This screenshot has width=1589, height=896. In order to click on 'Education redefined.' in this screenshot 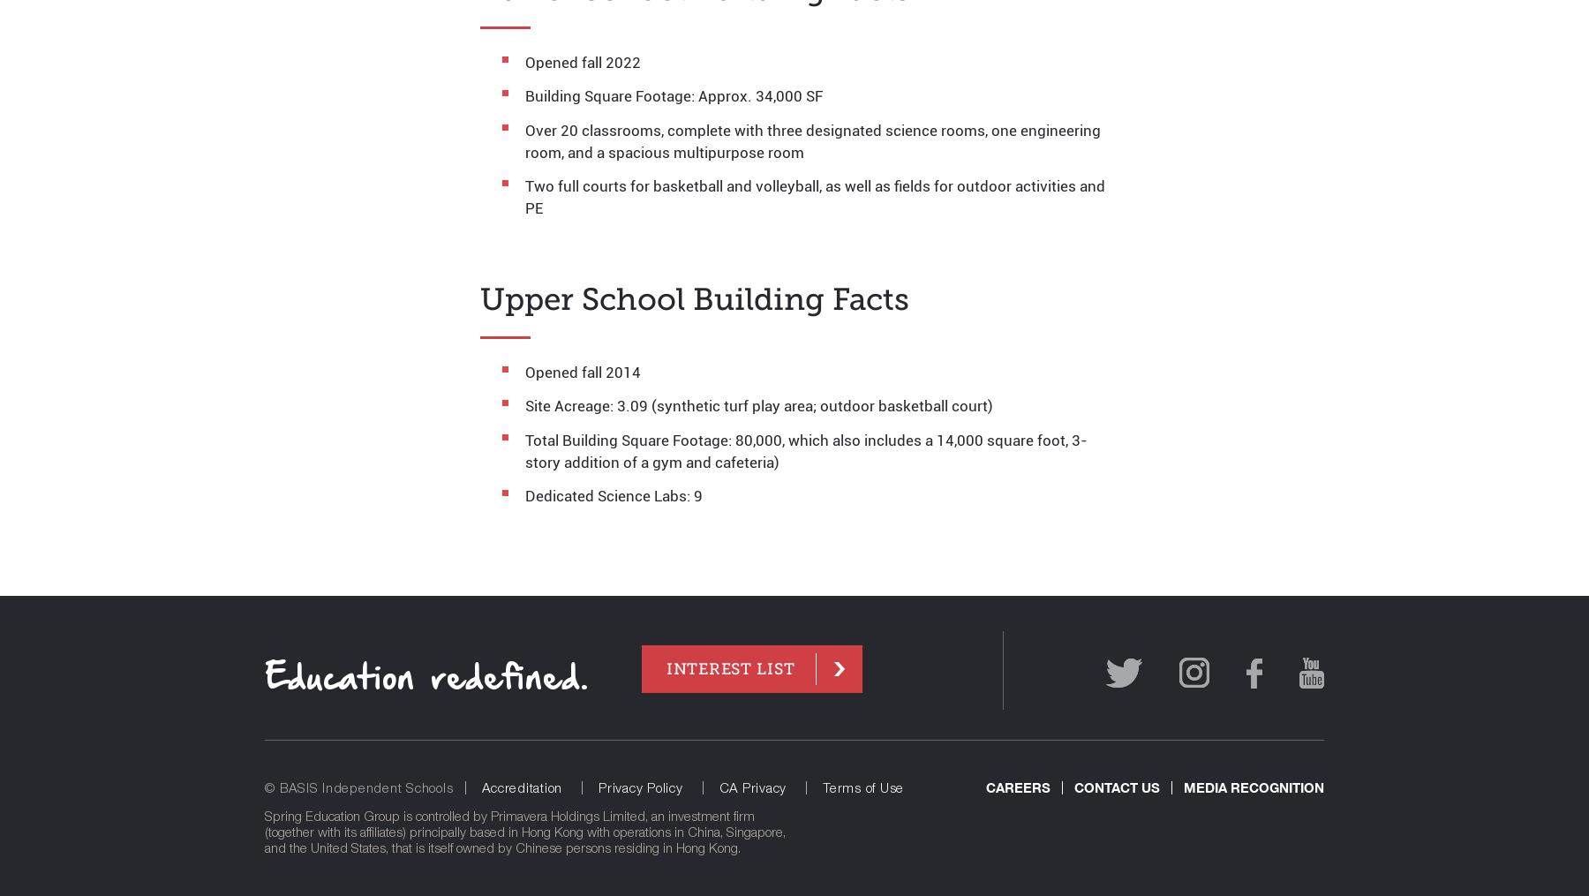, I will do `click(425, 673)`.